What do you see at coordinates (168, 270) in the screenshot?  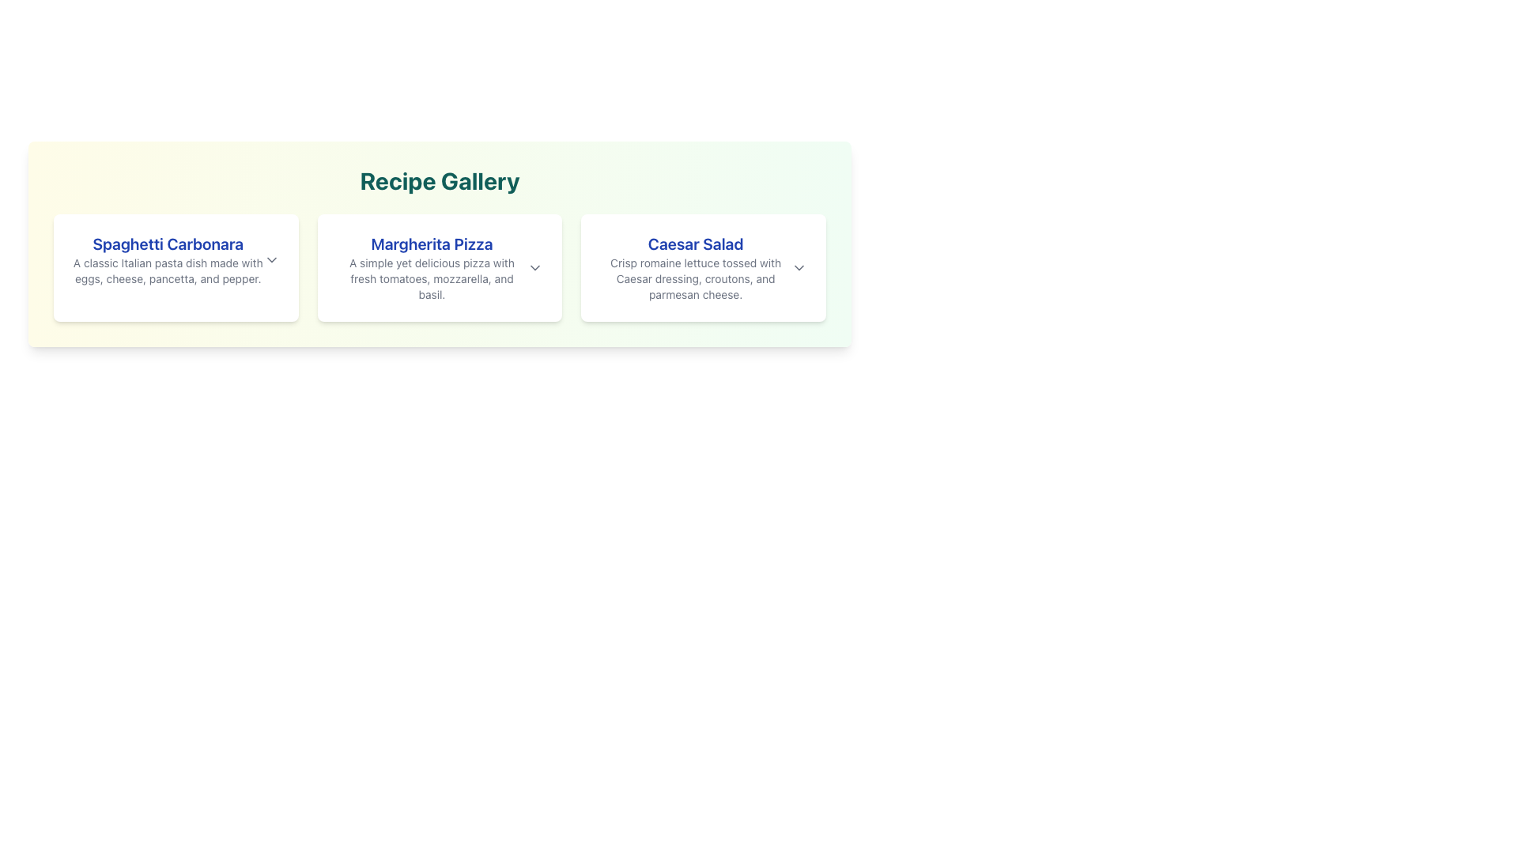 I see `the text block describing the dish 'Spaghetti Carbonara' to potentially reveal more actions or tooltips` at bounding box center [168, 270].